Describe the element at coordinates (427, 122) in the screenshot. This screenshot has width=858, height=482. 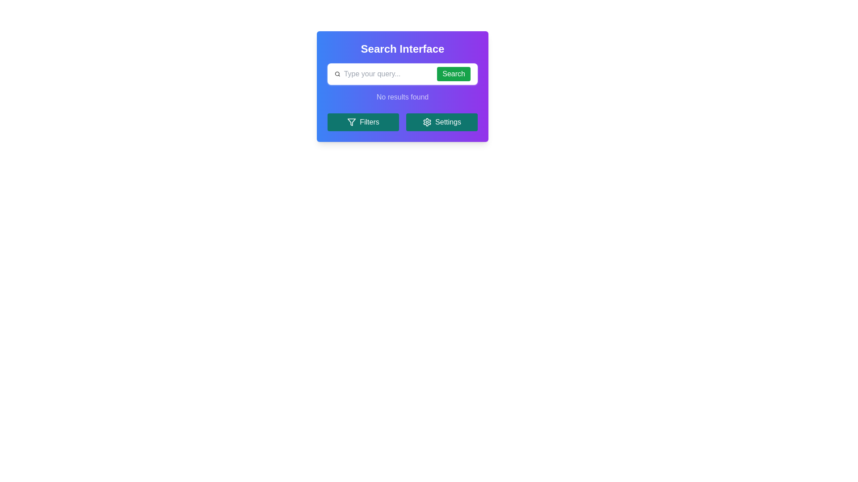
I see `gear-like settings icon located within the 'Settings' button in the bottom-right section of the central overlay panel` at that location.